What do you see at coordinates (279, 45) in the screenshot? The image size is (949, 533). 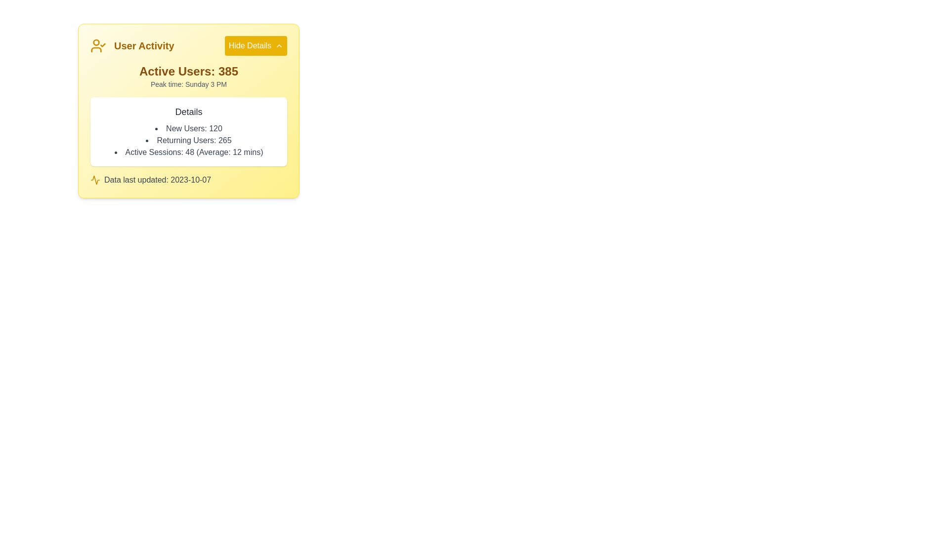 I see `the chevron arrow icon located in the top-right corner of the yellow card interface` at bounding box center [279, 45].